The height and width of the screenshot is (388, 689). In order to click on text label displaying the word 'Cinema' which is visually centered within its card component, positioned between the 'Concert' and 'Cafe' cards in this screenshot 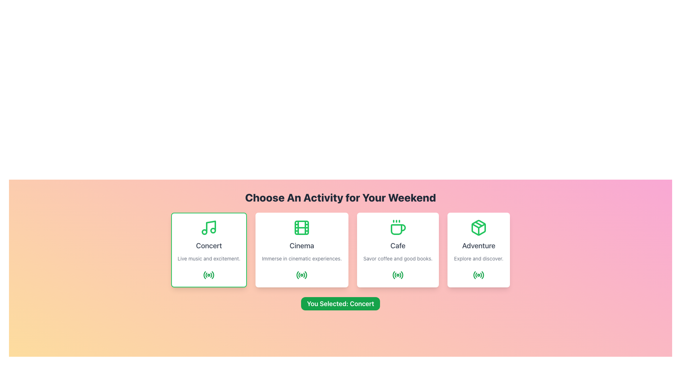, I will do `click(302, 245)`.